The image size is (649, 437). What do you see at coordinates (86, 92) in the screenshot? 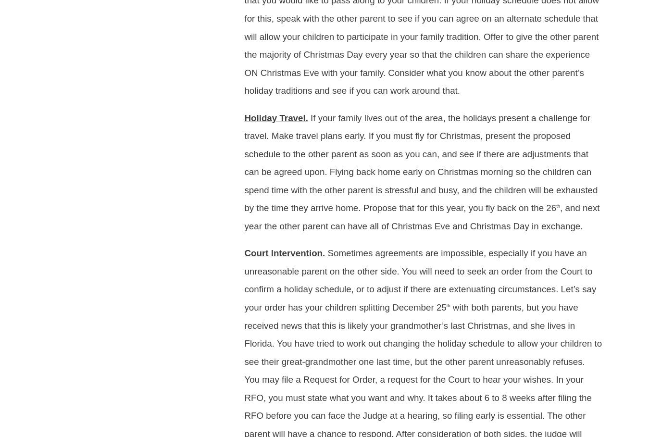
I see `'© 2023 All Rights Reserved.'` at bounding box center [86, 92].